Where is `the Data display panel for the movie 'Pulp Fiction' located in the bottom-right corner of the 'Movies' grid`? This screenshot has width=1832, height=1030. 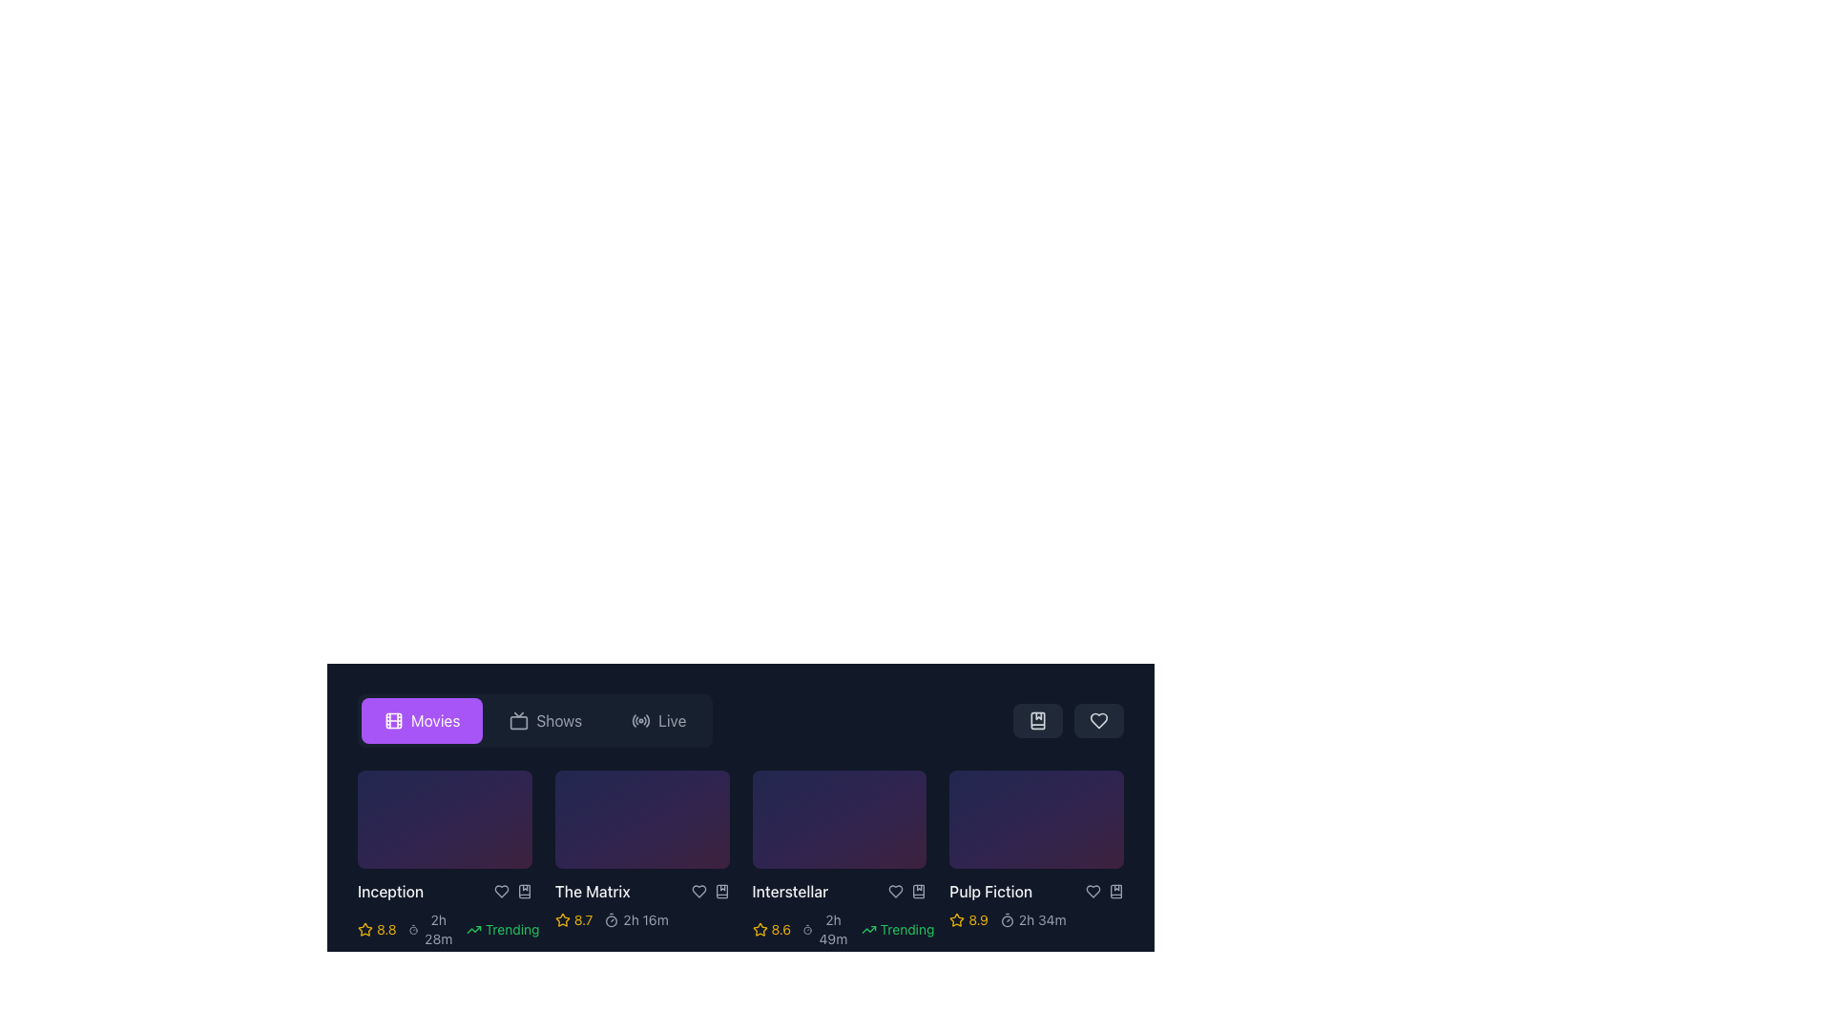
the Data display panel for the movie 'Pulp Fiction' located in the bottom-right corner of the 'Movies' grid is located at coordinates (1035, 903).